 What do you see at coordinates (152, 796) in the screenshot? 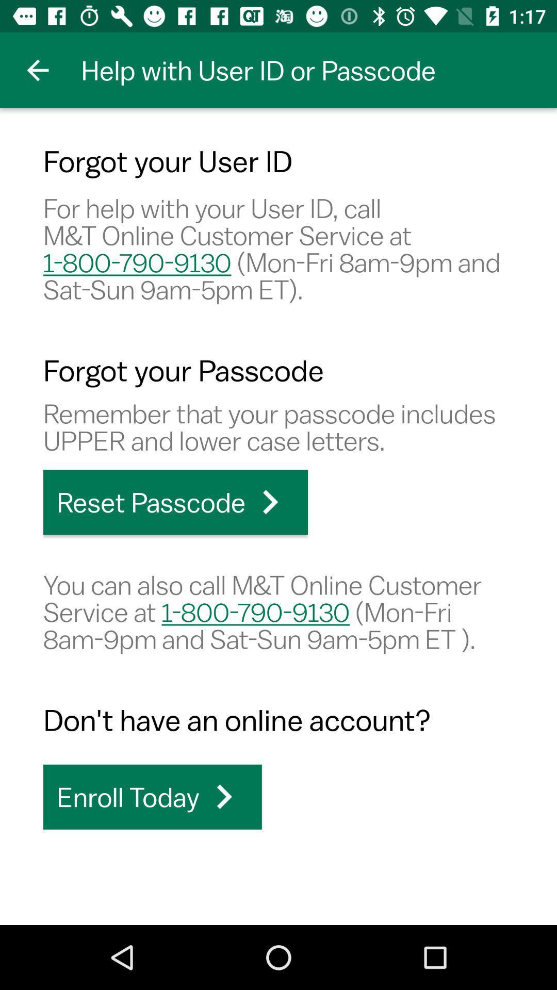
I see `the item below don t have item` at bounding box center [152, 796].